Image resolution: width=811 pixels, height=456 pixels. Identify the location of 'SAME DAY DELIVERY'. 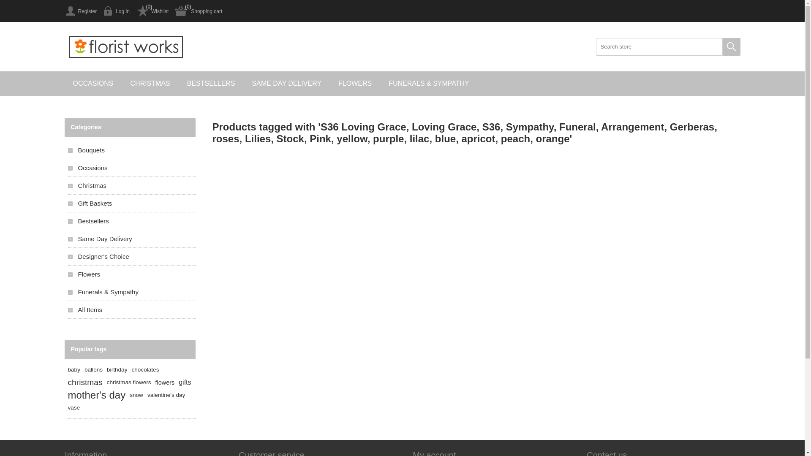
(287, 83).